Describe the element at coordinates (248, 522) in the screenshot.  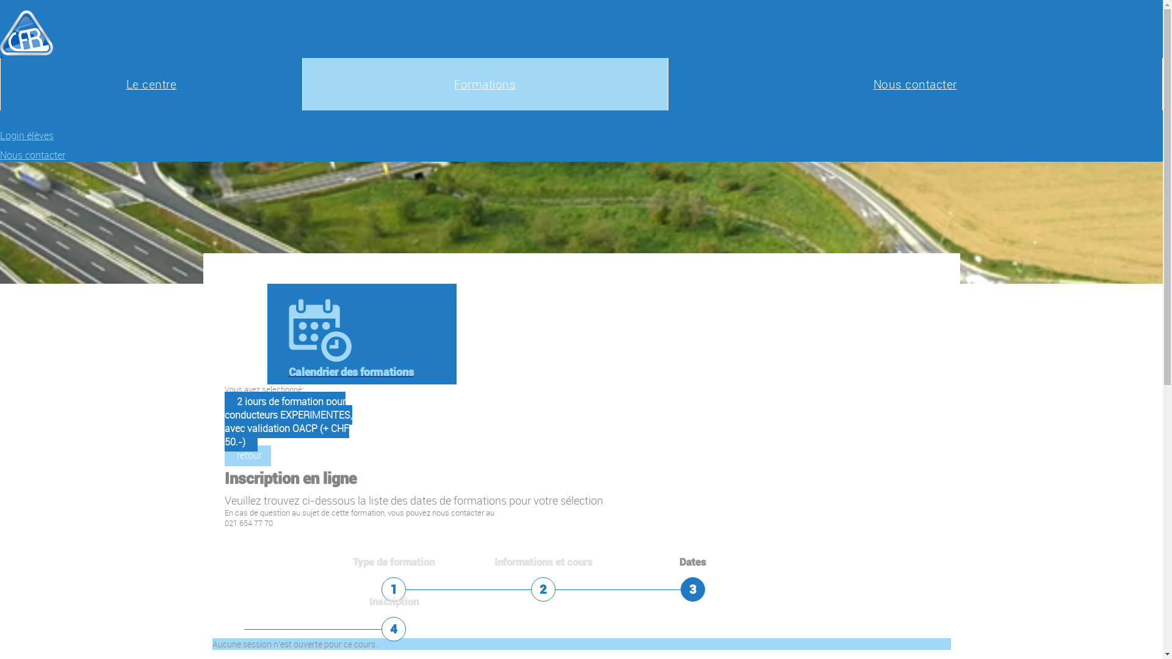
I see `'021 654 77 70'` at that location.